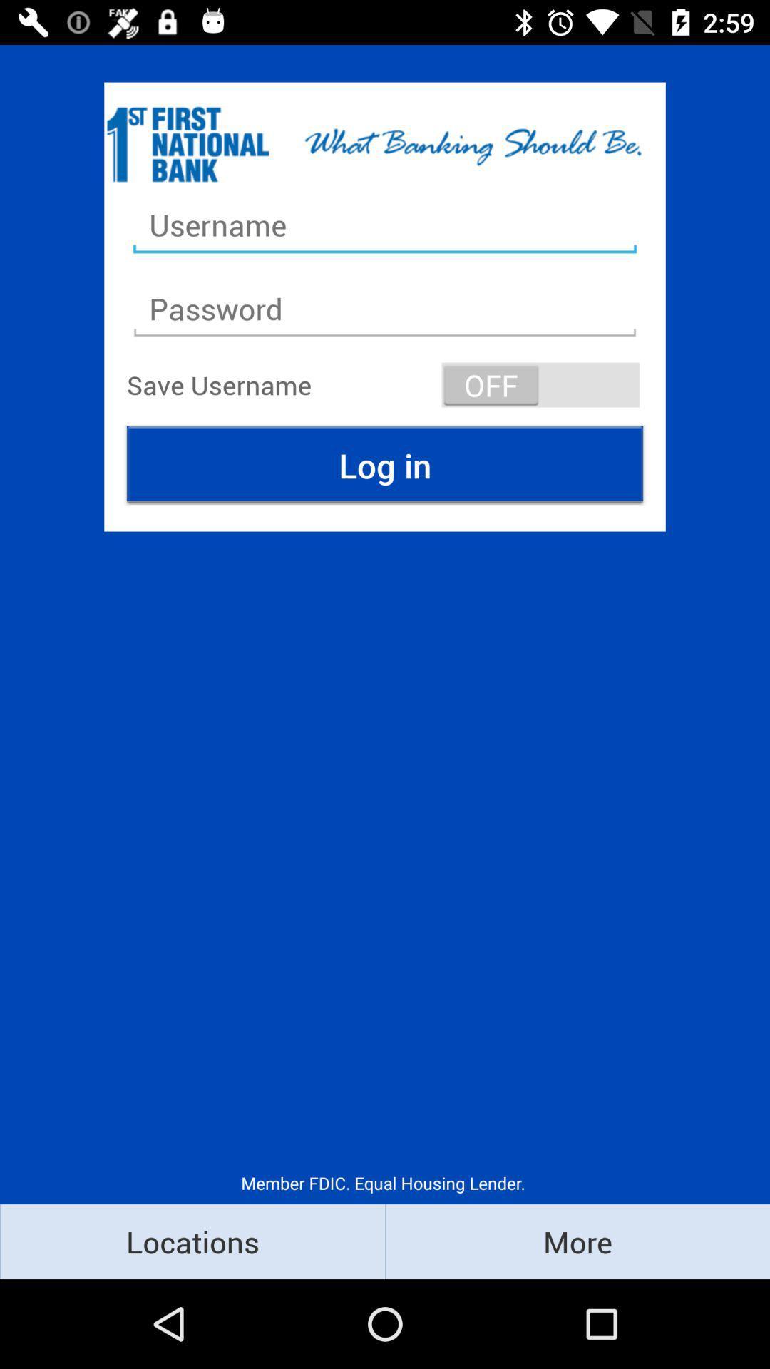 This screenshot has height=1369, width=770. I want to click on the icon above log in icon, so click(540, 384).